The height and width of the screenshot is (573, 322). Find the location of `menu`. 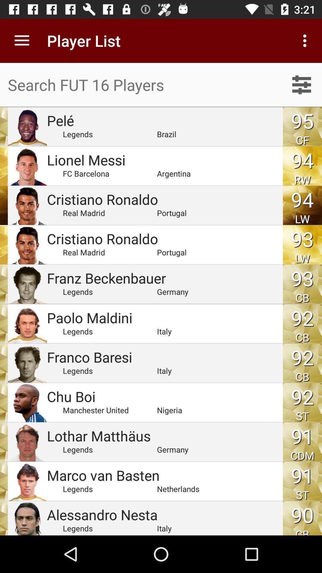

menu is located at coordinates (301, 84).